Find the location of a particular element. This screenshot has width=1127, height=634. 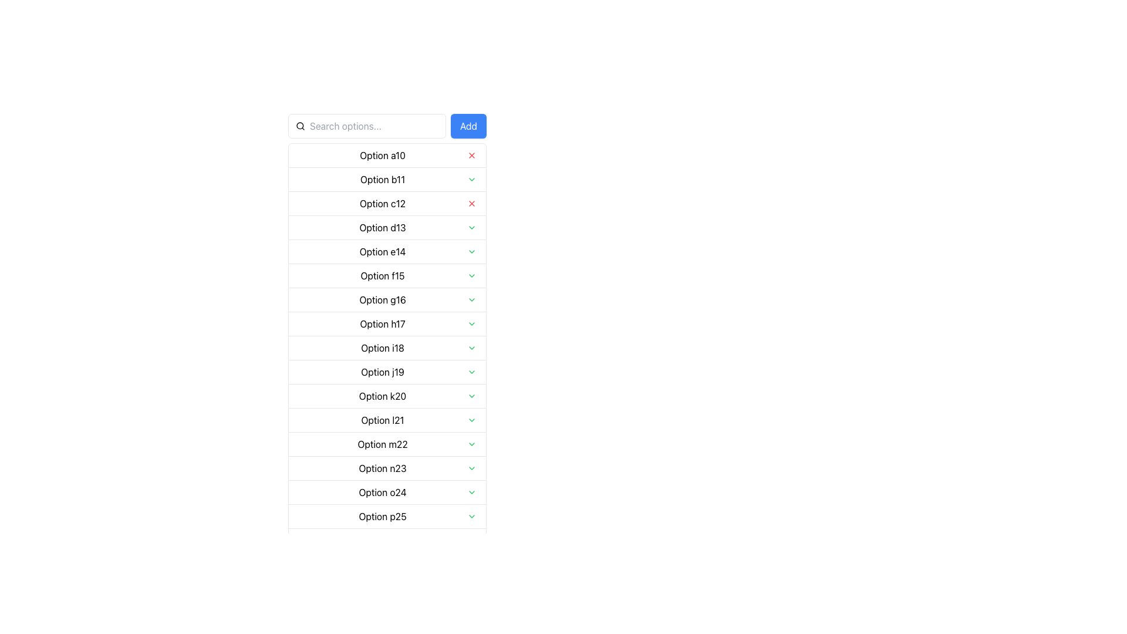

the list item labeled 'Option f15' is located at coordinates (387, 275).